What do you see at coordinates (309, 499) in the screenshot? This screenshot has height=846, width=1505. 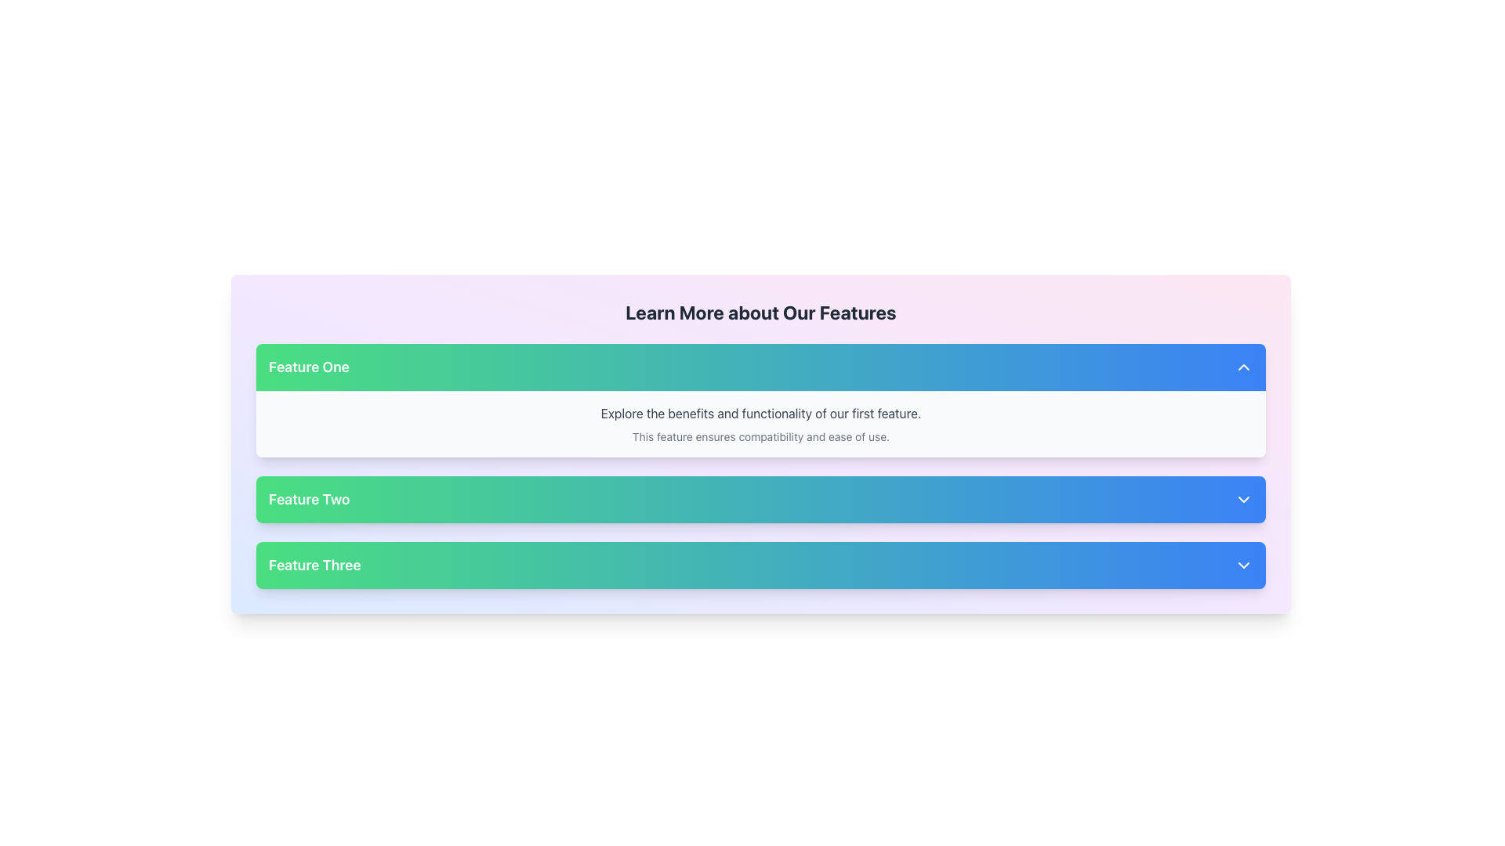 I see `the Text Label displaying 'Feature Two', which is positioned between 'Feature One' and 'Feature Three' in the feature listing interface` at bounding box center [309, 499].